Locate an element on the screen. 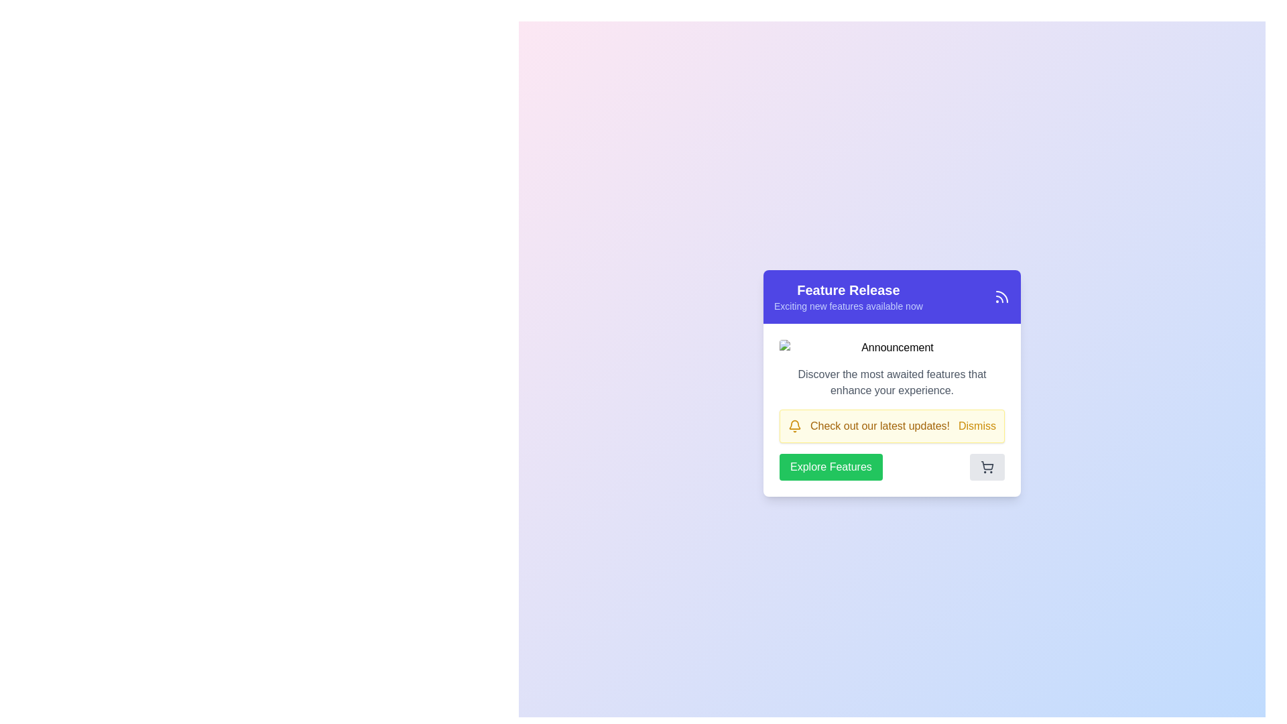 The image size is (1287, 724). the Text Label positioned beneath the 'Feature Release' title in the card layout is located at coordinates (847, 306).